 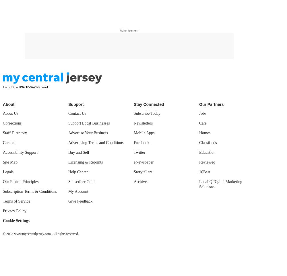 What do you see at coordinates (20, 152) in the screenshot?
I see `'Accessibility Support'` at bounding box center [20, 152].